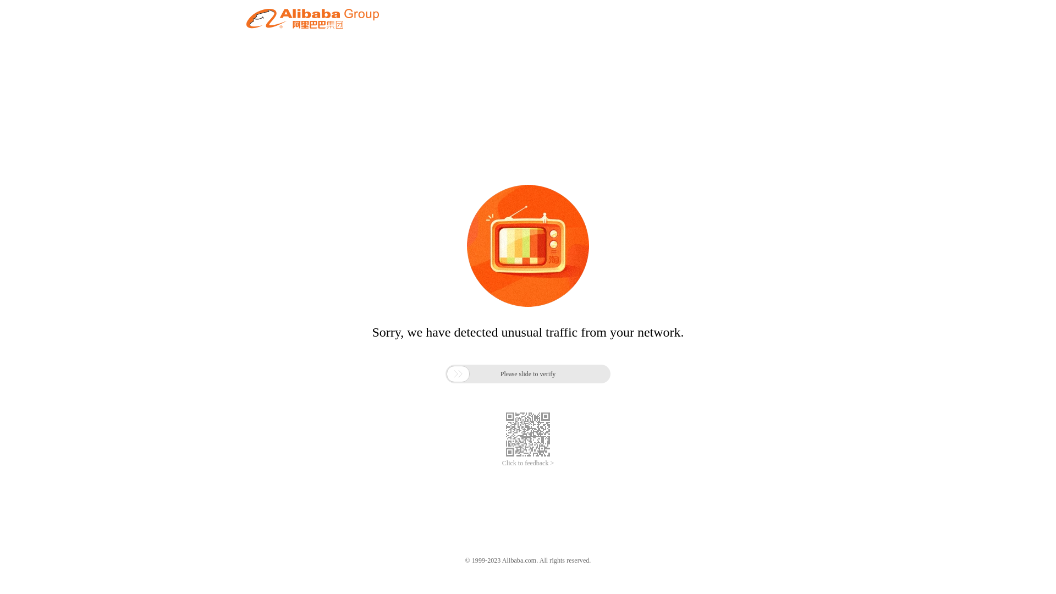 This screenshot has width=1056, height=594. Describe the element at coordinates (528, 463) in the screenshot. I see `'Click to feedback >'` at that location.